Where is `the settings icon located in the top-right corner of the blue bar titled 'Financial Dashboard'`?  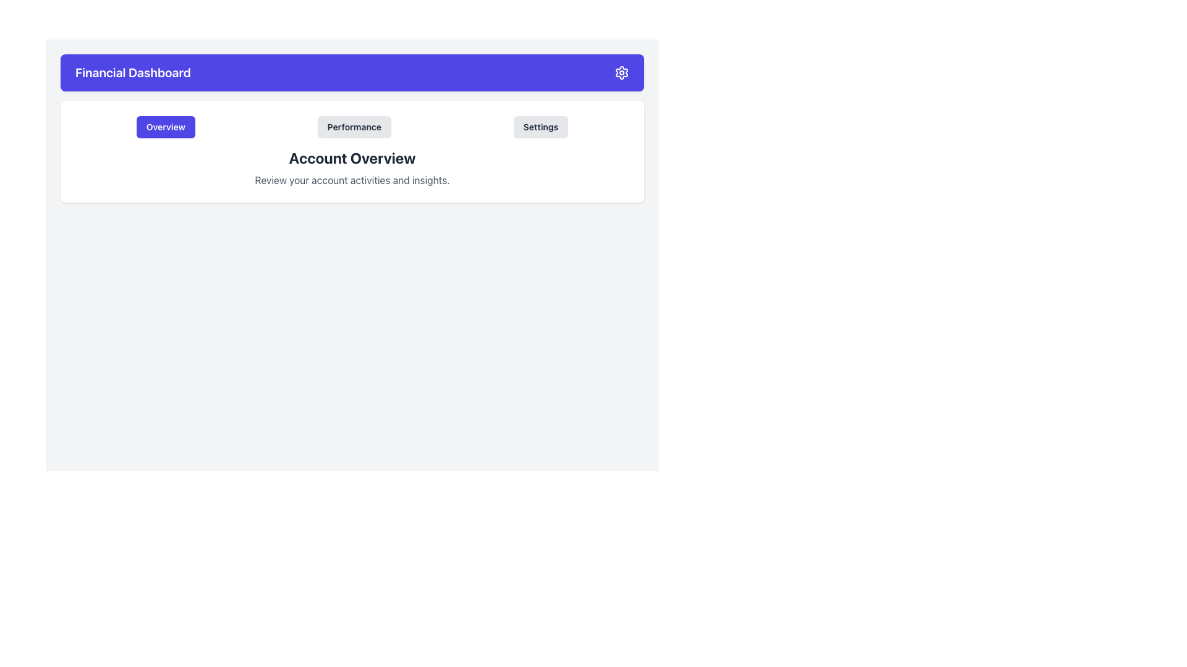
the settings icon located in the top-right corner of the blue bar titled 'Financial Dashboard' is located at coordinates (622, 73).